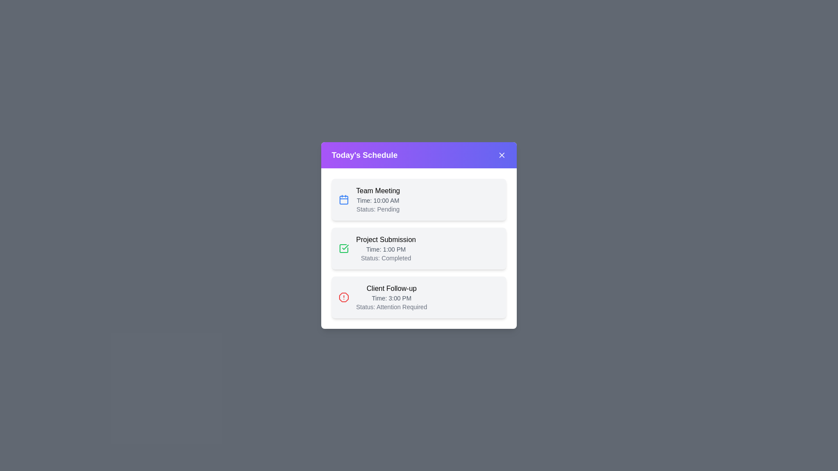  What do you see at coordinates (502, 154) in the screenshot?
I see `the close button (X) to close the dialog box` at bounding box center [502, 154].